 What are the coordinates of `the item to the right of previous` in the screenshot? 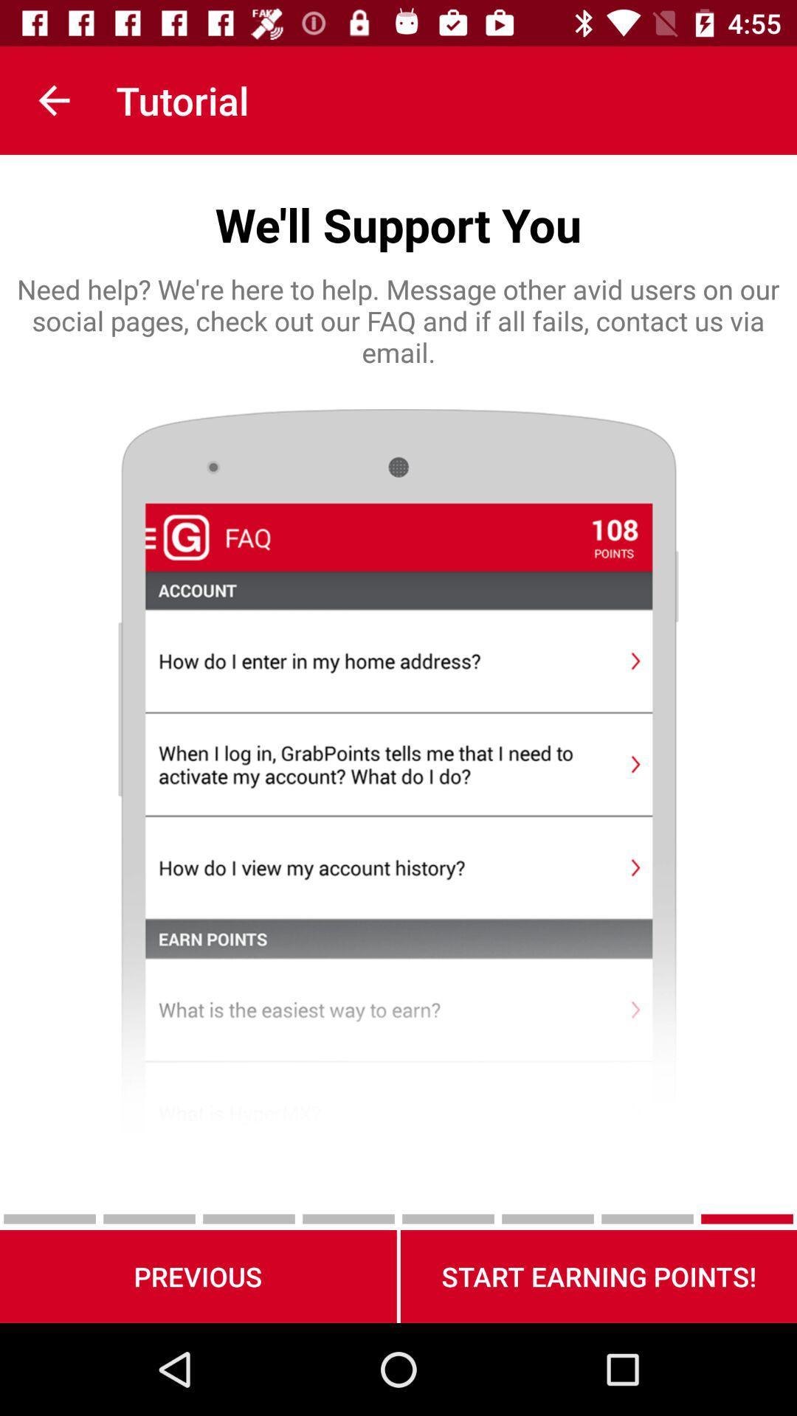 It's located at (598, 1276).